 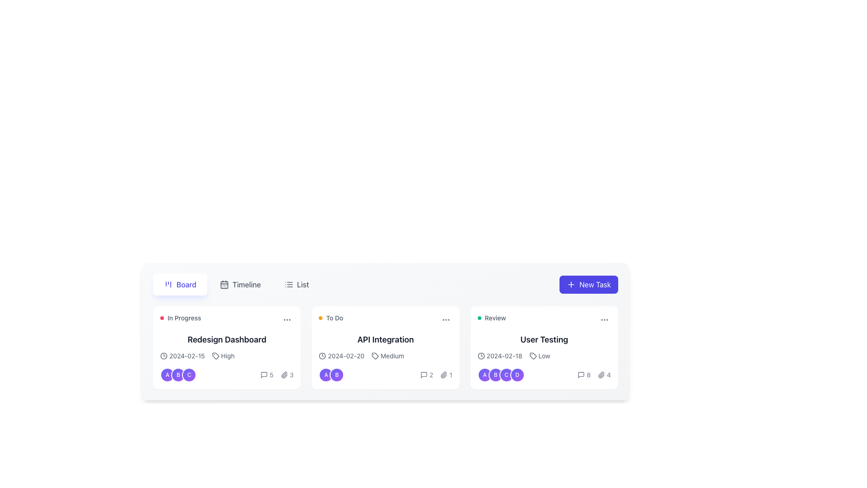 What do you see at coordinates (589, 284) in the screenshot?
I see `the 'New Task' button, which is a dark indigo rectangular button with rounded corners and white text, located at the top center-right of the interface` at bounding box center [589, 284].